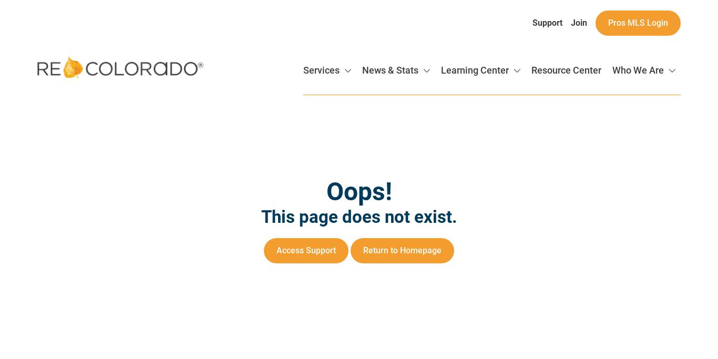 Image resolution: width=718 pixels, height=359 pixels. I want to click on 'Data Delivery', so click(314, 132).